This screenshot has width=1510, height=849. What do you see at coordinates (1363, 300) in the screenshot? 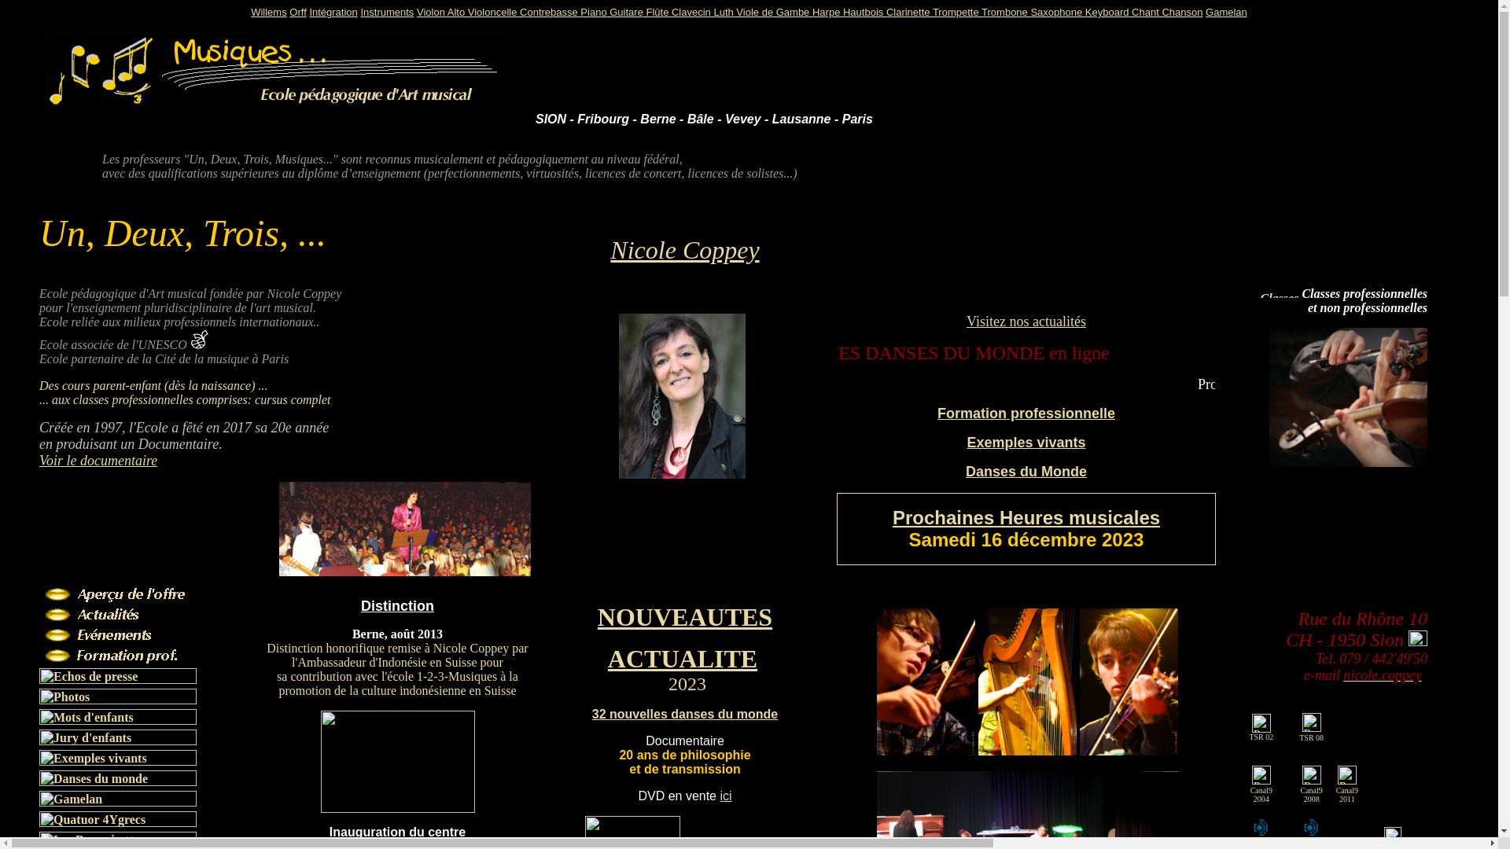
I see `'Classes professionnelles` at bounding box center [1363, 300].